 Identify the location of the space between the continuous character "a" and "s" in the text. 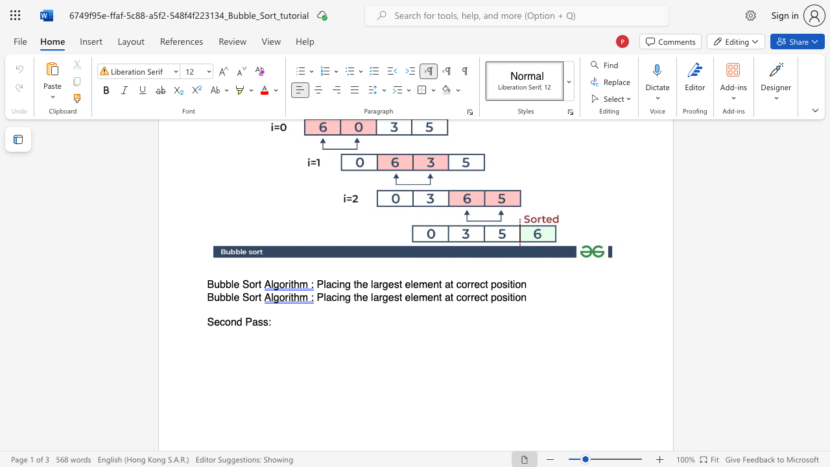
(257, 322).